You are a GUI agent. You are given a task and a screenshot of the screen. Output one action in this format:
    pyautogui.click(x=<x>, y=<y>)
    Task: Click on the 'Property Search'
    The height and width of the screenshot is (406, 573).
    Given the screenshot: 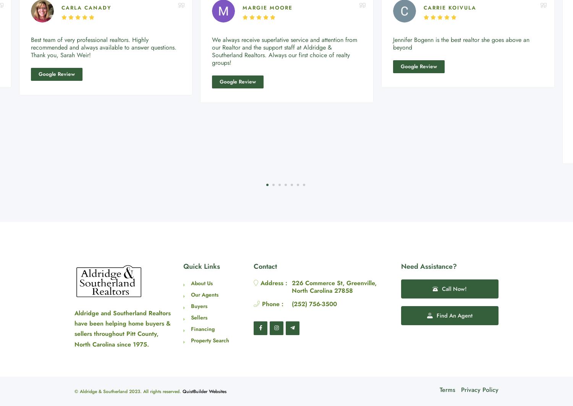 What is the action you would take?
    pyautogui.click(x=210, y=340)
    